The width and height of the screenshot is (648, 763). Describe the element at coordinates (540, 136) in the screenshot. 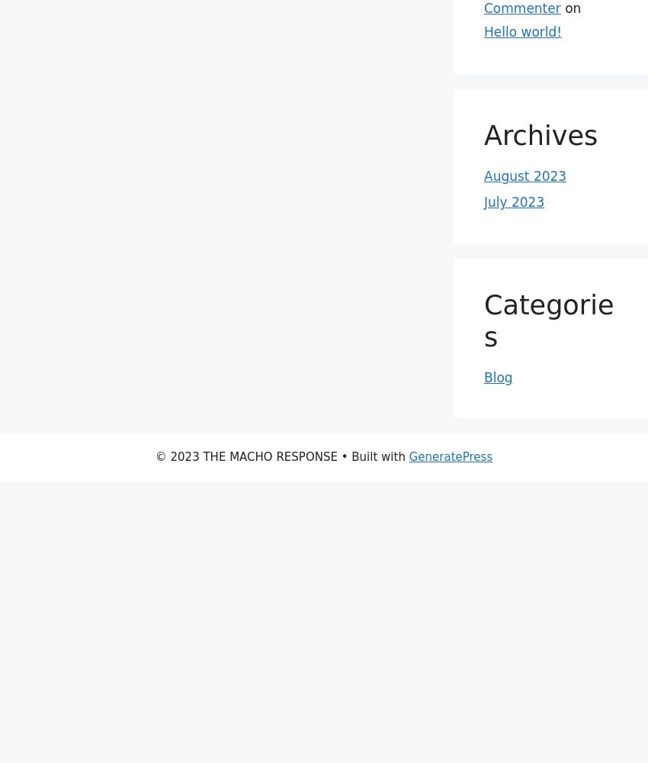

I see `'Archives'` at that location.